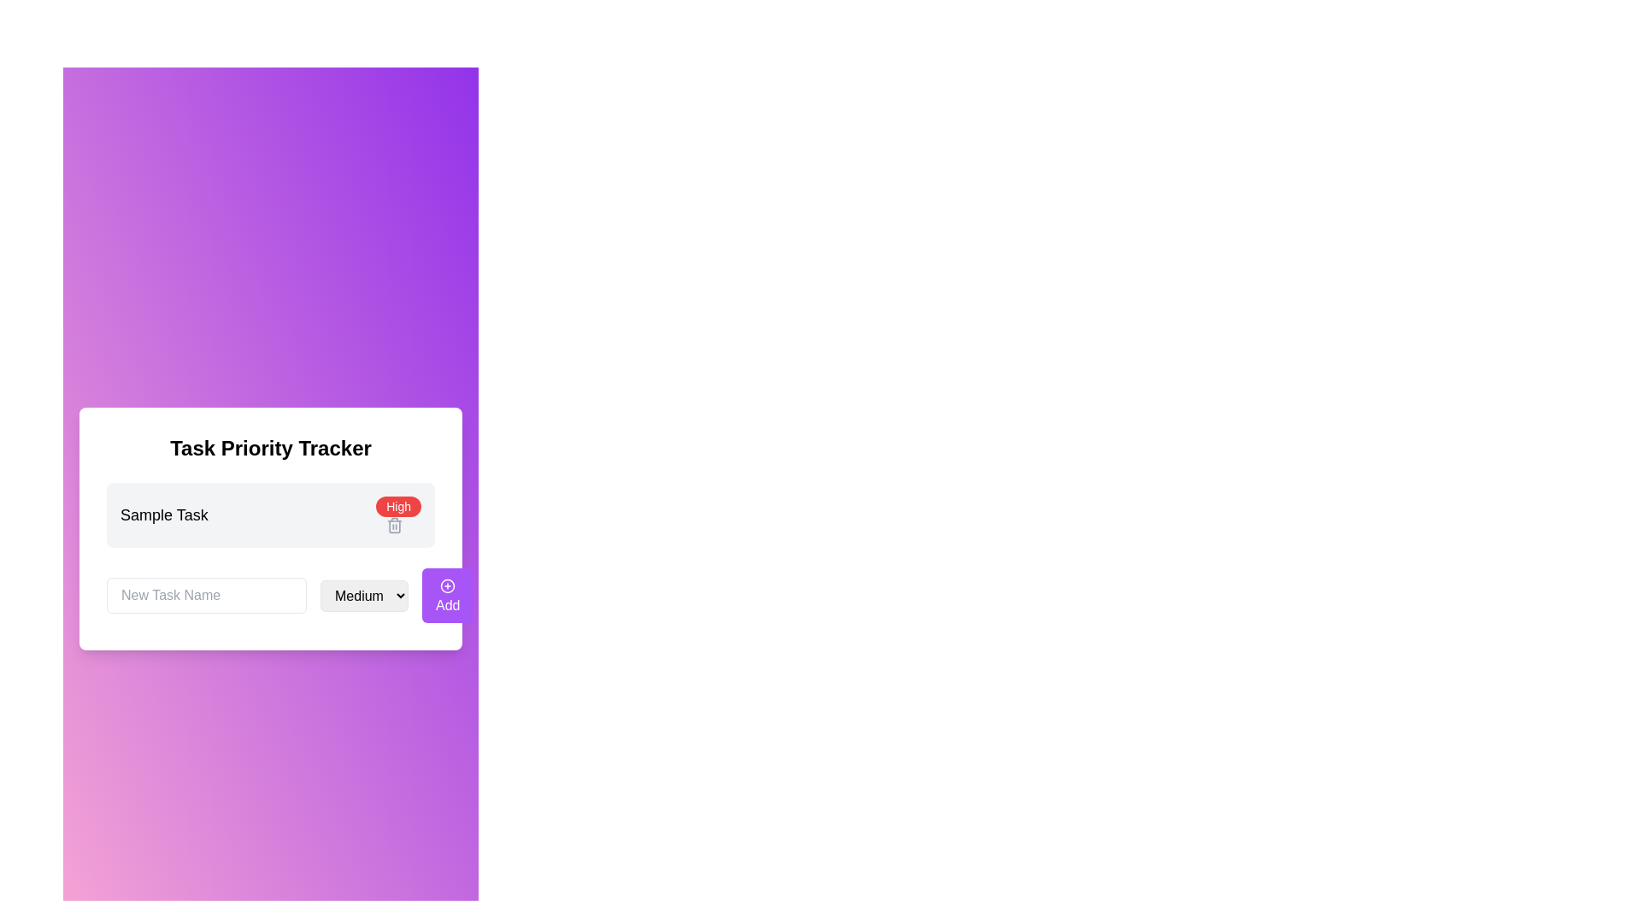 This screenshot has height=923, width=1641. Describe the element at coordinates (393, 524) in the screenshot. I see `the trash bin icon located to the right of the 'High' priority label` at that location.